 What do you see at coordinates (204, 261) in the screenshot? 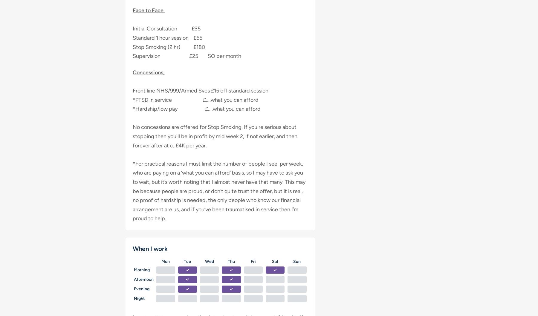
I see `'W'` at bounding box center [204, 261].